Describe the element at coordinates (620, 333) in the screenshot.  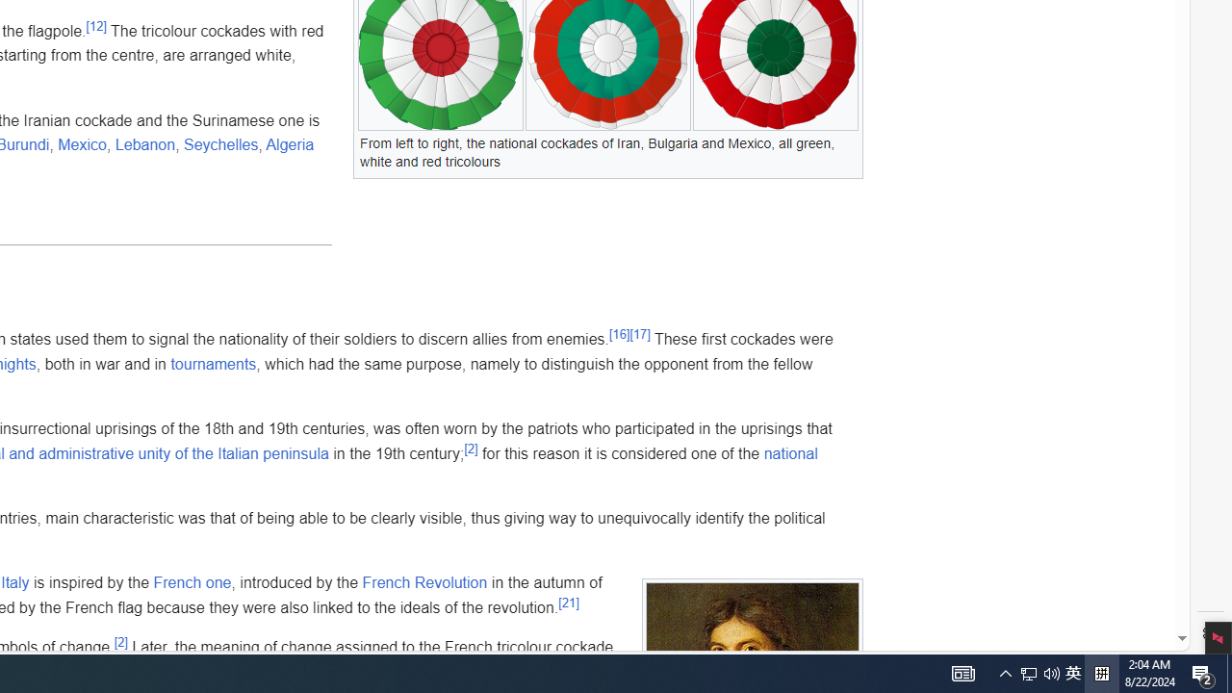
I see `'[16]'` at that location.